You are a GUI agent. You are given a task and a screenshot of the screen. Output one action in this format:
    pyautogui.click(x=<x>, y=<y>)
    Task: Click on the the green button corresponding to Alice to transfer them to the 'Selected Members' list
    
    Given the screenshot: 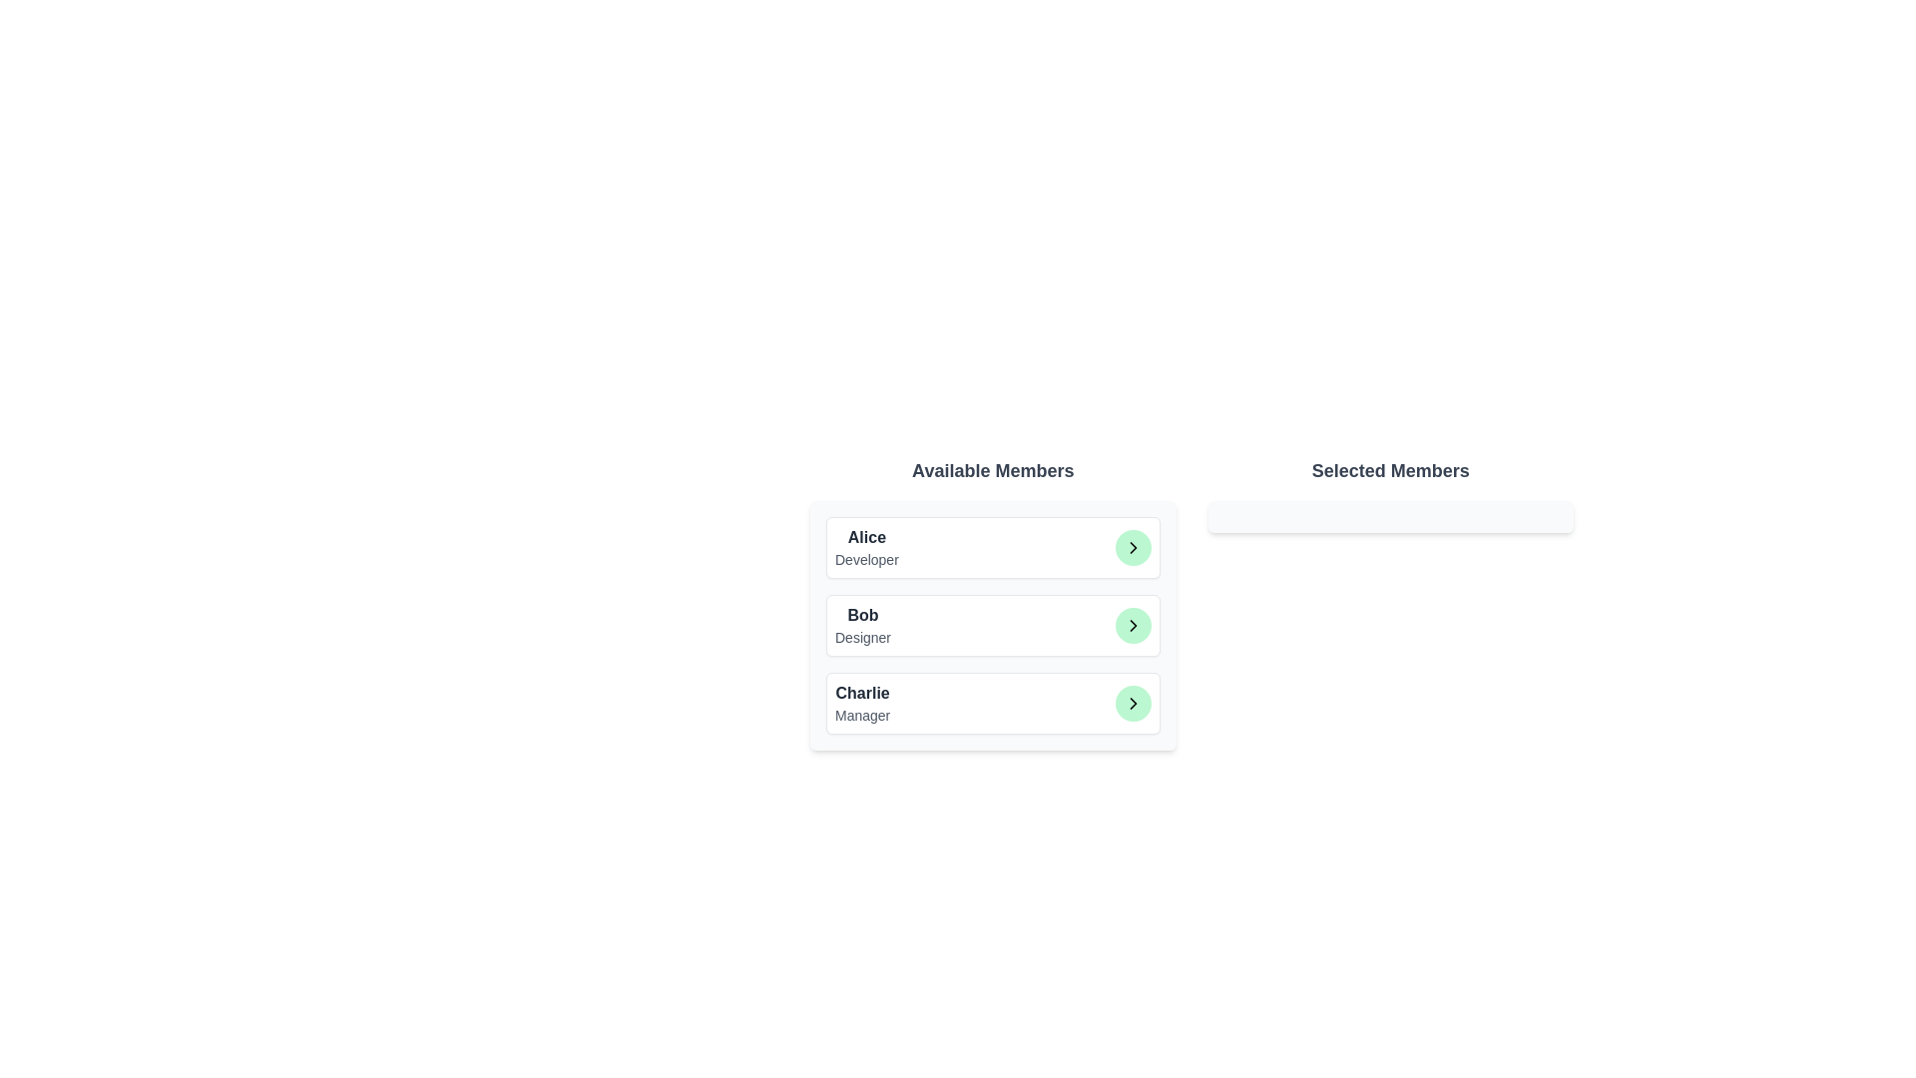 What is the action you would take?
    pyautogui.click(x=1133, y=547)
    